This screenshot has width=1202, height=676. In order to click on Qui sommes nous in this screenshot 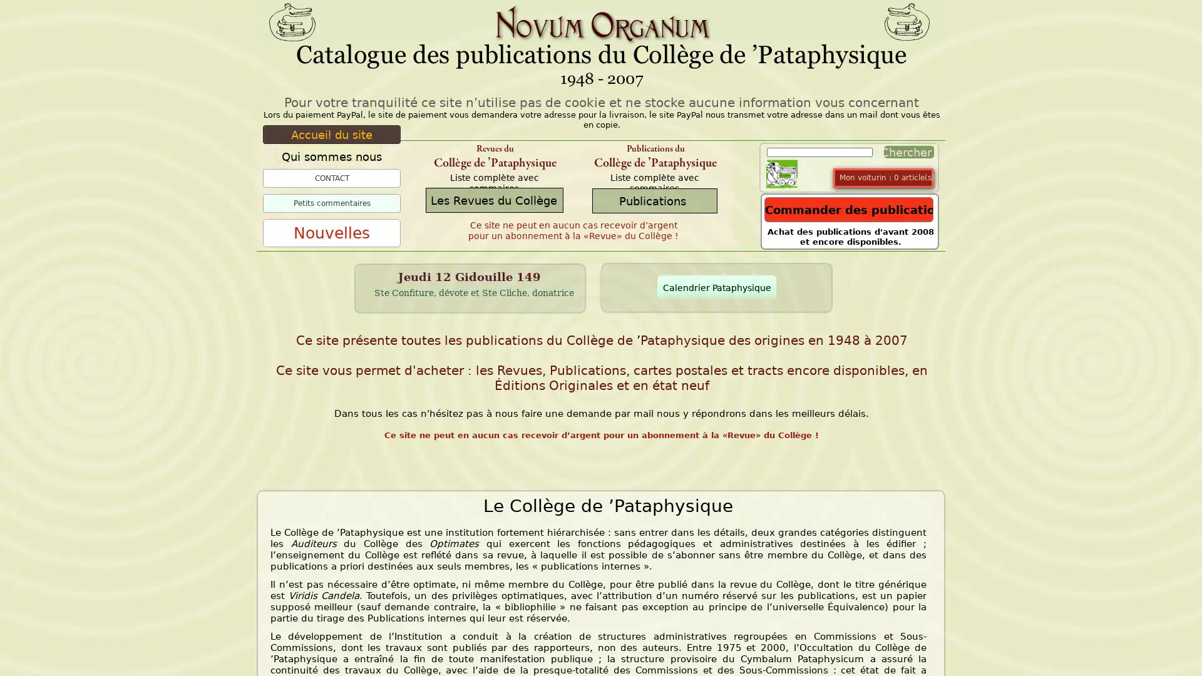, I will do `click(331, 156)`.